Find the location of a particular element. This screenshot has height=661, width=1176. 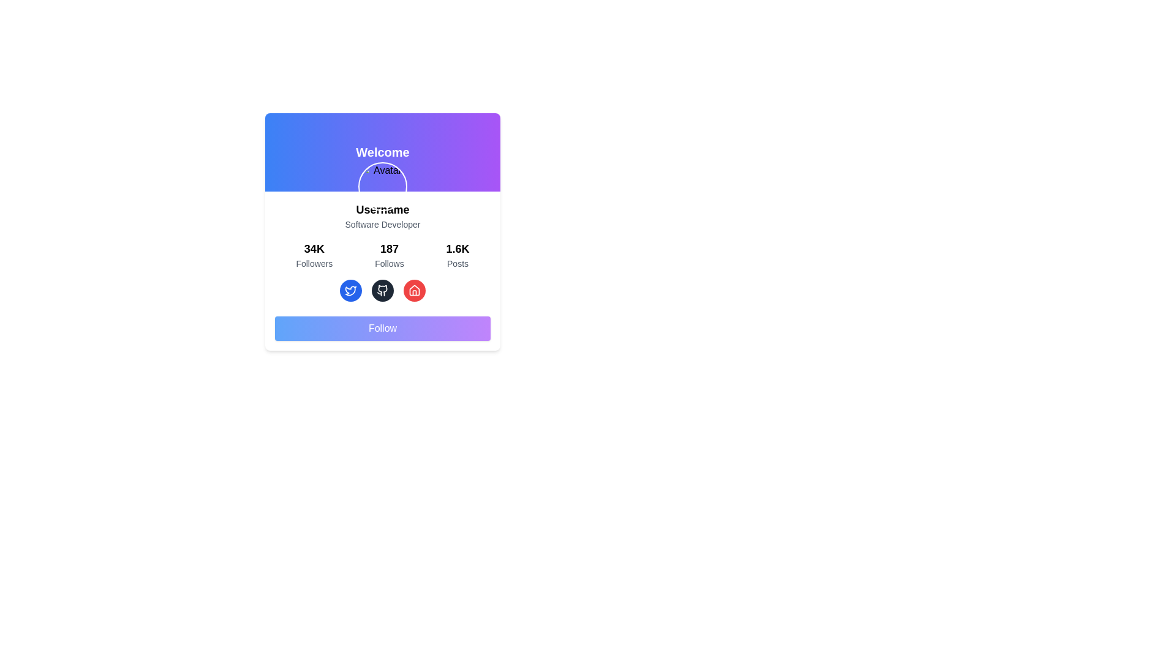

the text display element showing '1.6K' with the label 'Posts', located on the right side of the statistics group in the user profile card layout is located at coordinates (457, 254).